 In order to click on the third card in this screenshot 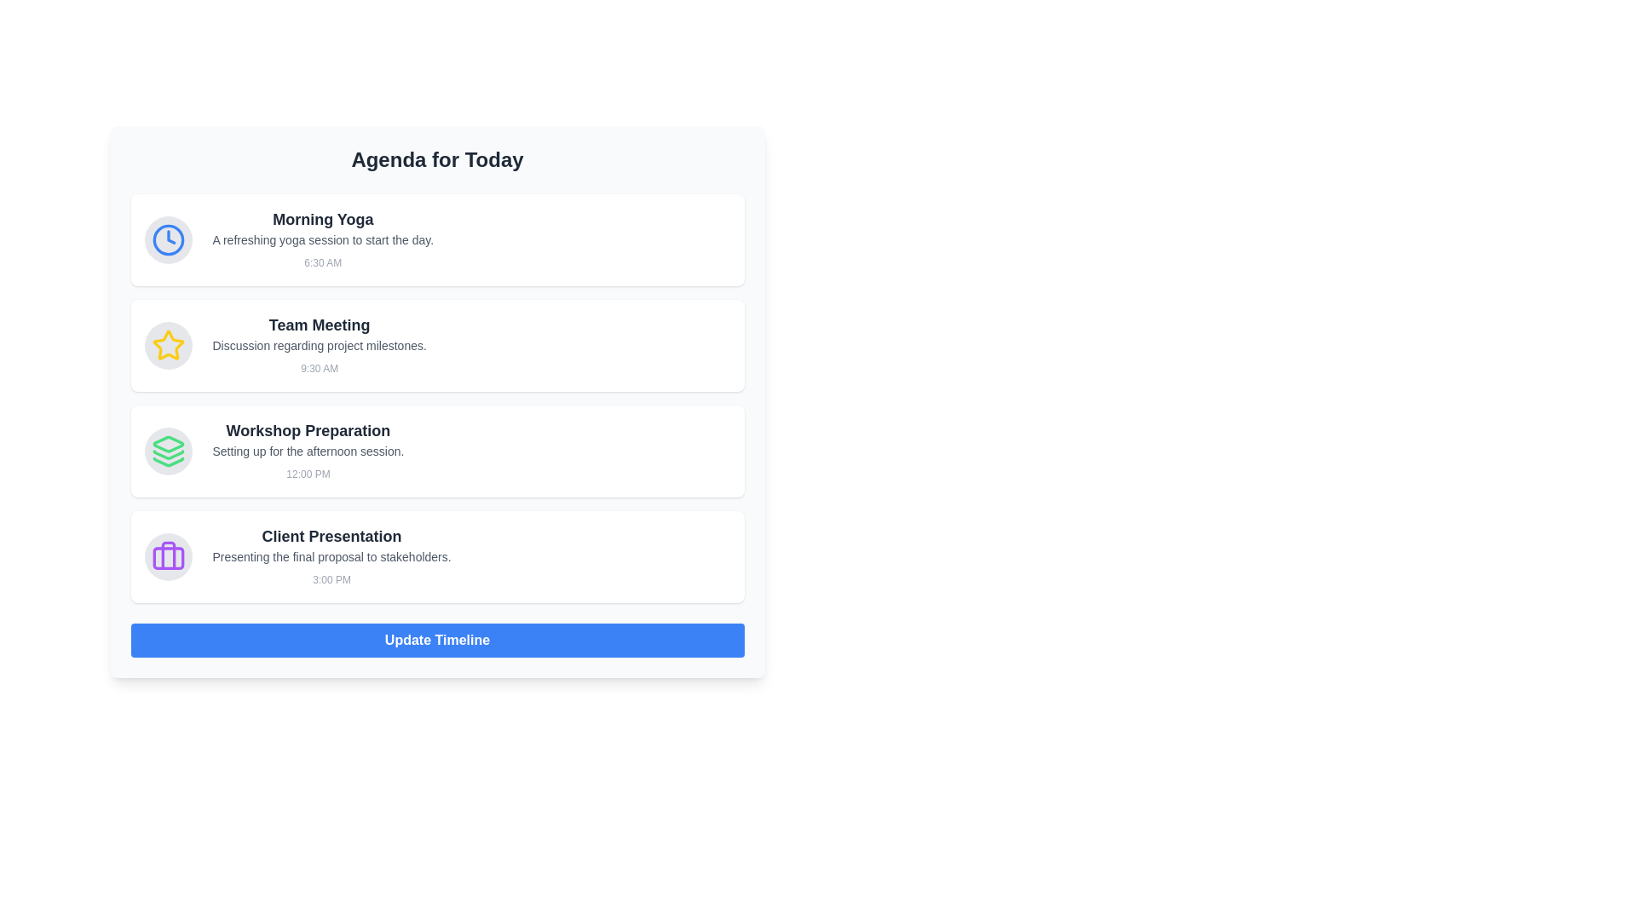, I will do `click(437, 450)`.